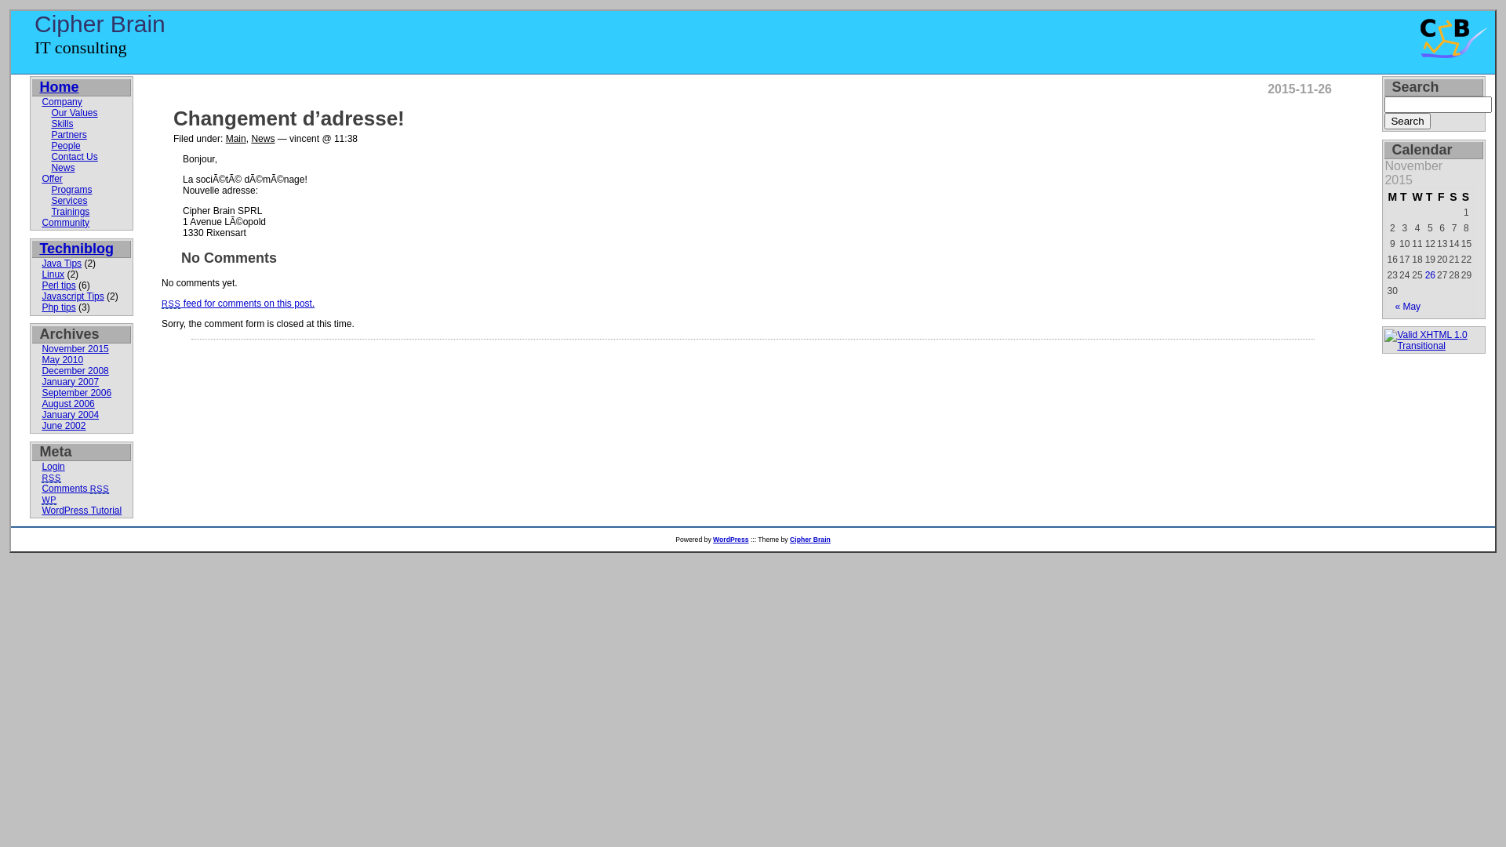  Describe the element at coordinates (73, 157) in the screenshot. I see `'Contact Us'` at that location.